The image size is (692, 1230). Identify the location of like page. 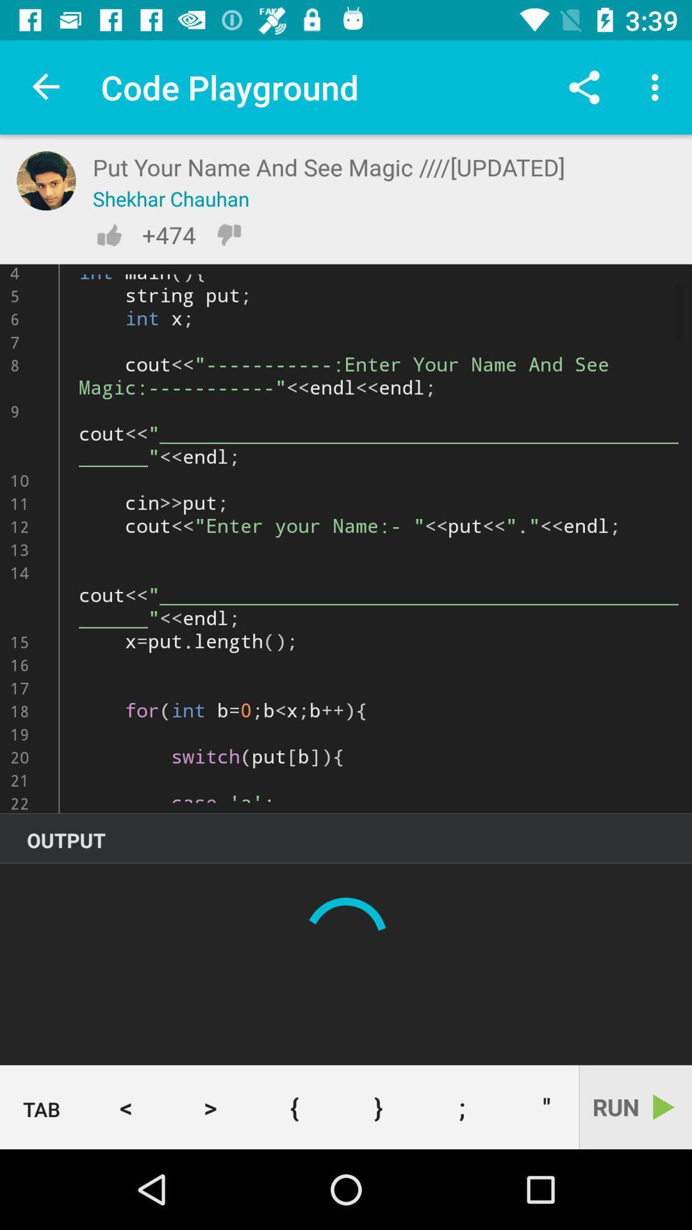
(108, 234).